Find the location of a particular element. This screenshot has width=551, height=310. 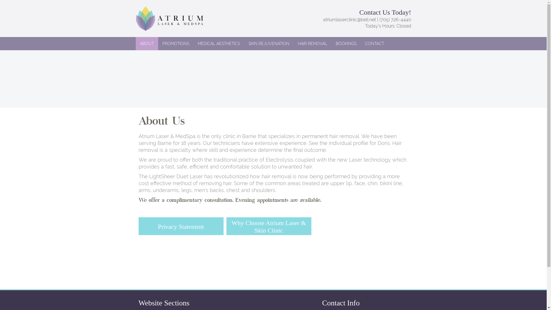

'Why Choose Atrium Laser & Skin Clinic' is located at coordinates (268, 226).